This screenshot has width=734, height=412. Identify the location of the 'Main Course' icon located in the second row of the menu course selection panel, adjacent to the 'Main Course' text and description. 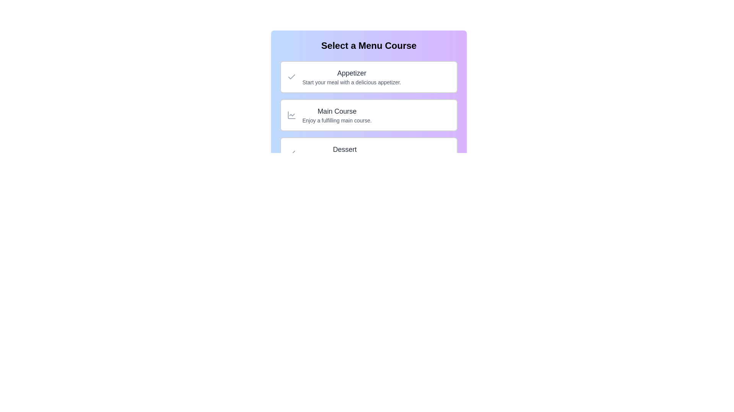
(291, 115).